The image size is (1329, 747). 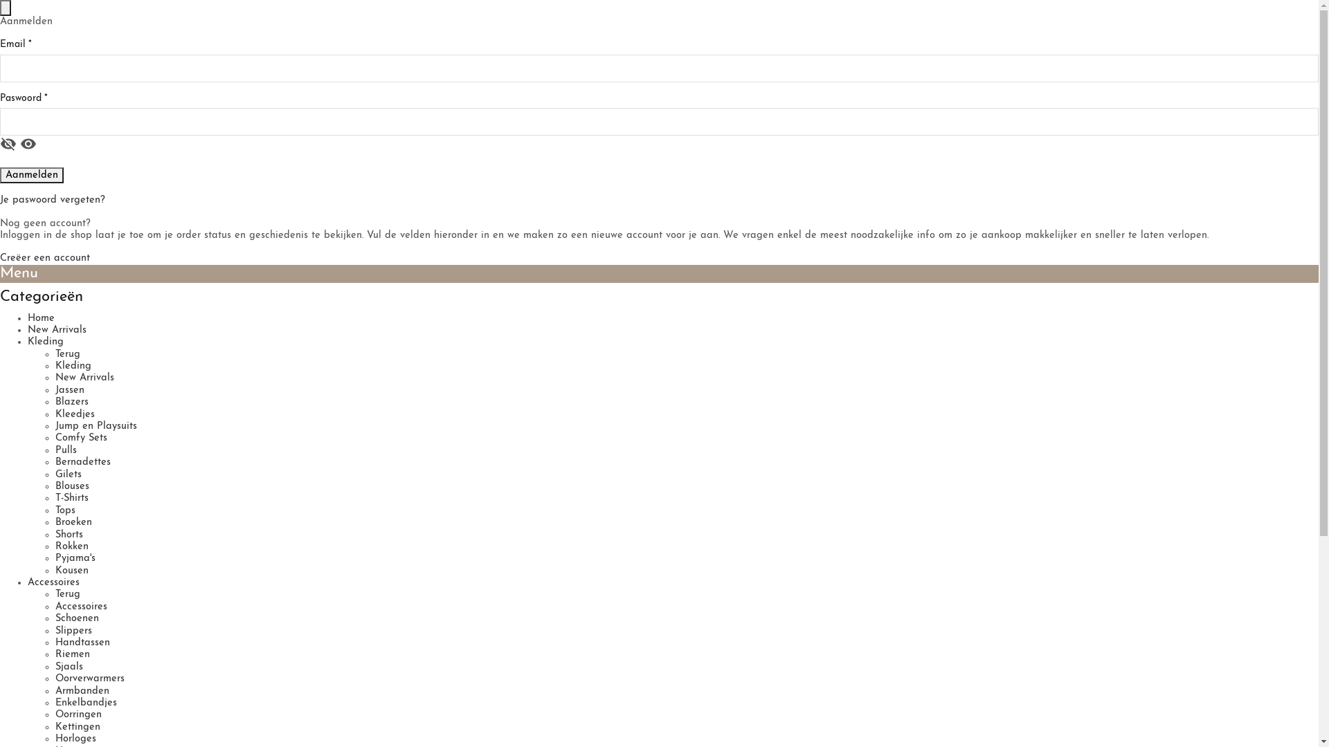 I want to click on 'Blazers', so click(x=71, y=402).